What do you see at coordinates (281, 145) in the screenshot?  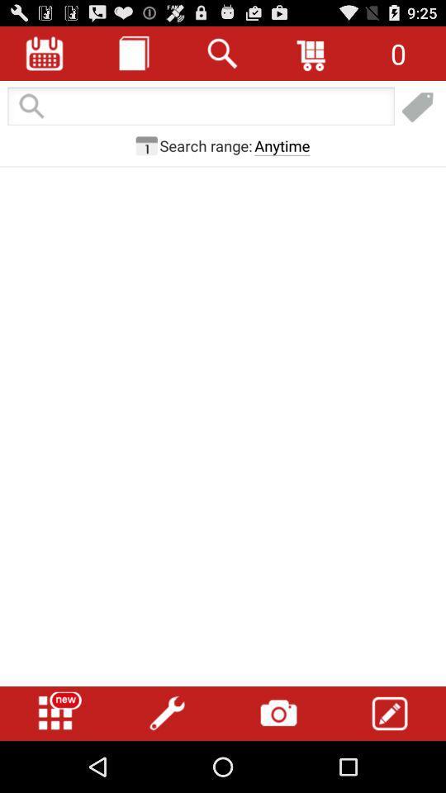 I see `the anytime button` at bounding box center [281, 145].